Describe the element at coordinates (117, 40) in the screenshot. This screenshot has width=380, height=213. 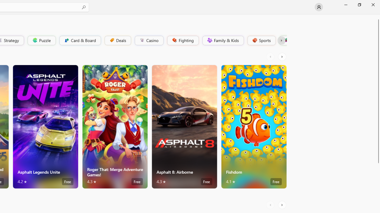
I see `'Deals'` at that location.